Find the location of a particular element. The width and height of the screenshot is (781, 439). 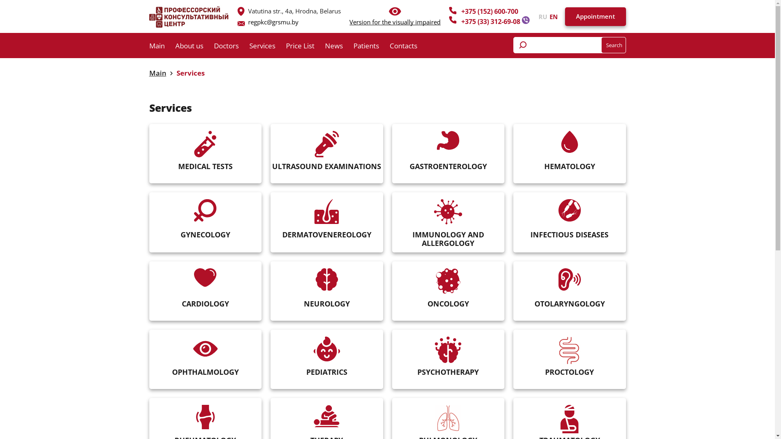

'Traumatology' is located at coordinates (569, 419).